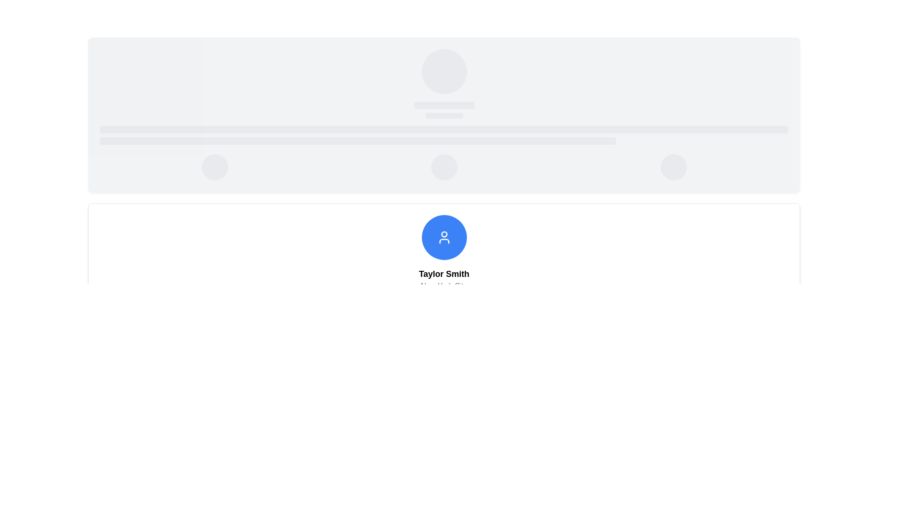 The image size is (901, 506). I want to click on the first horizontal gray progress bar with rounded edges, located at the top of its group, so click(443, 130).